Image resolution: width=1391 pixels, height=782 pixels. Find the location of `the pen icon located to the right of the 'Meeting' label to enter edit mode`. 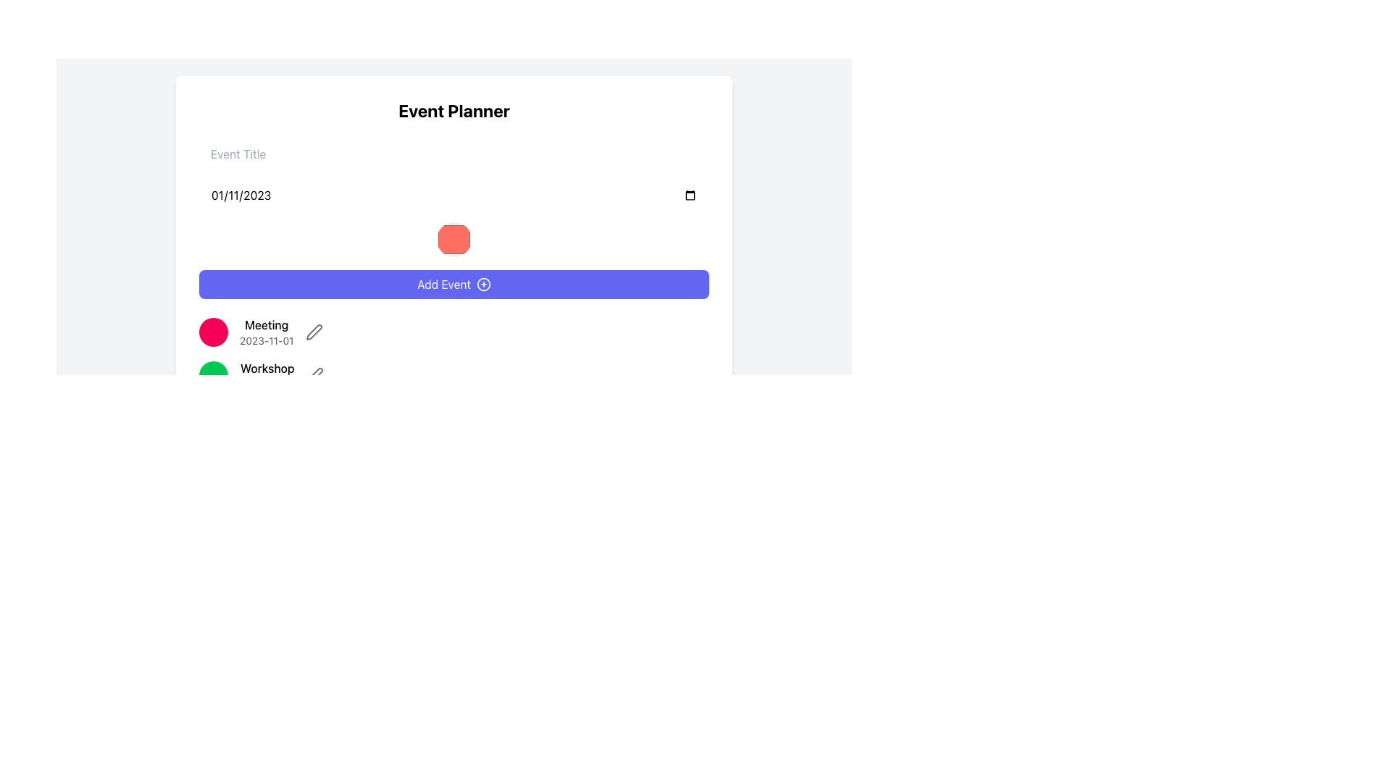

the pen icon located to the right of the 'Meeting' label to enter edit mode is located at coordinates (314, 375).